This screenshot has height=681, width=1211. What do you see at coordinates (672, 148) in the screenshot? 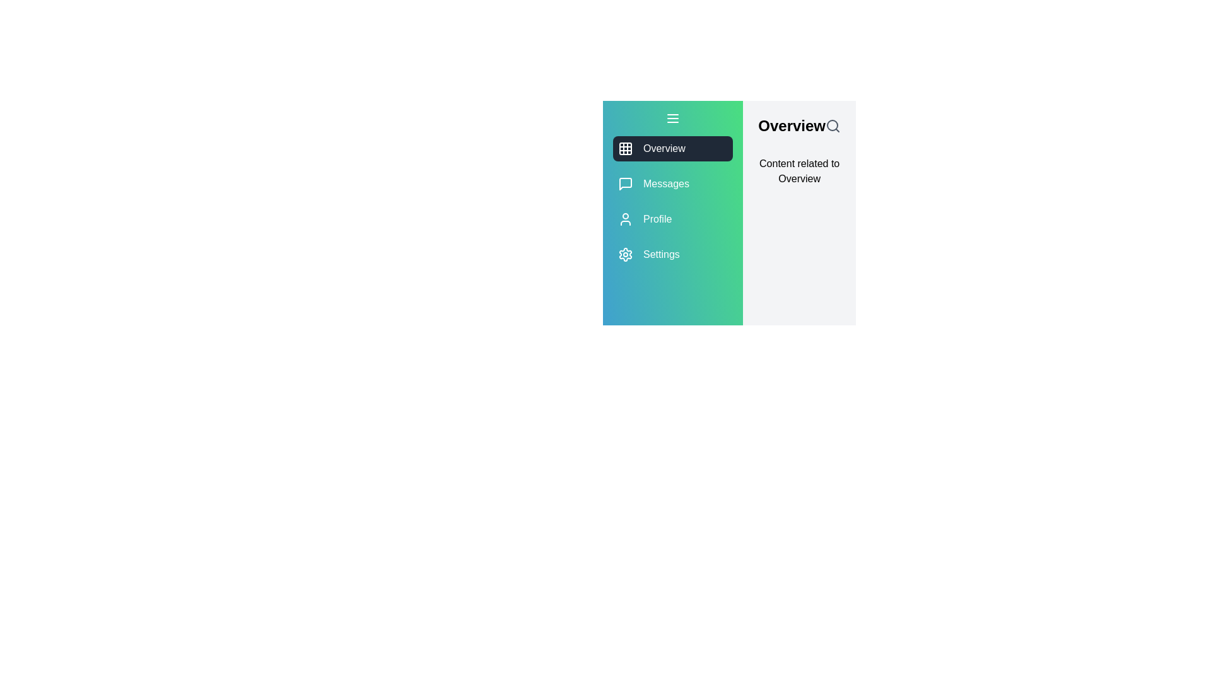
I see `the menu item Overview to view its hover effect` at bounding box center [672, 148].